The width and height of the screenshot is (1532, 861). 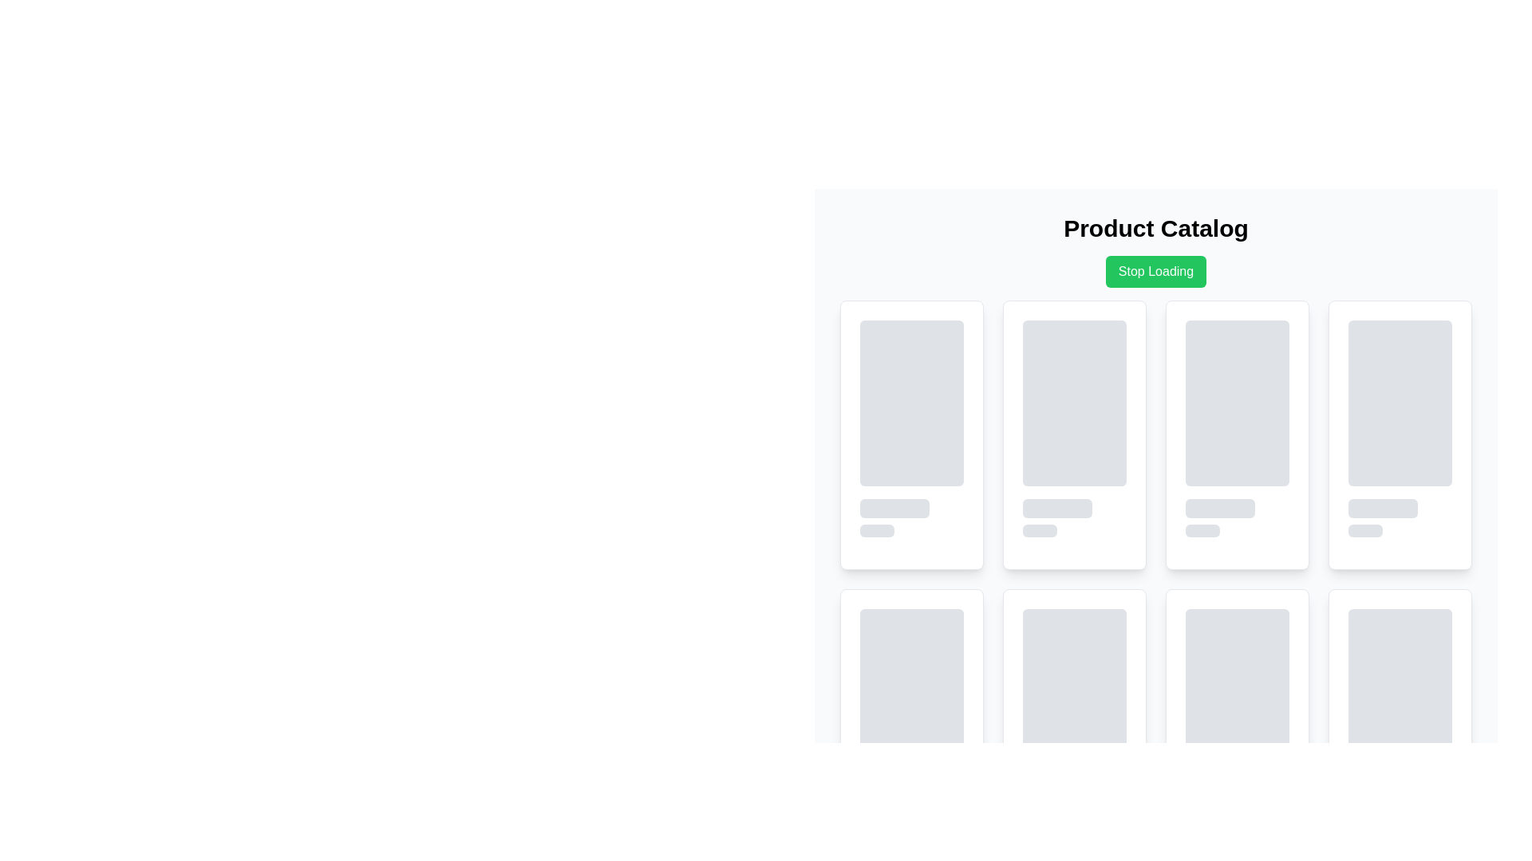 I want to click on the light gray rectangular placeholder with rounded corners located in the middle section of the second row within the grid layout, so click(x=1236, y=402).